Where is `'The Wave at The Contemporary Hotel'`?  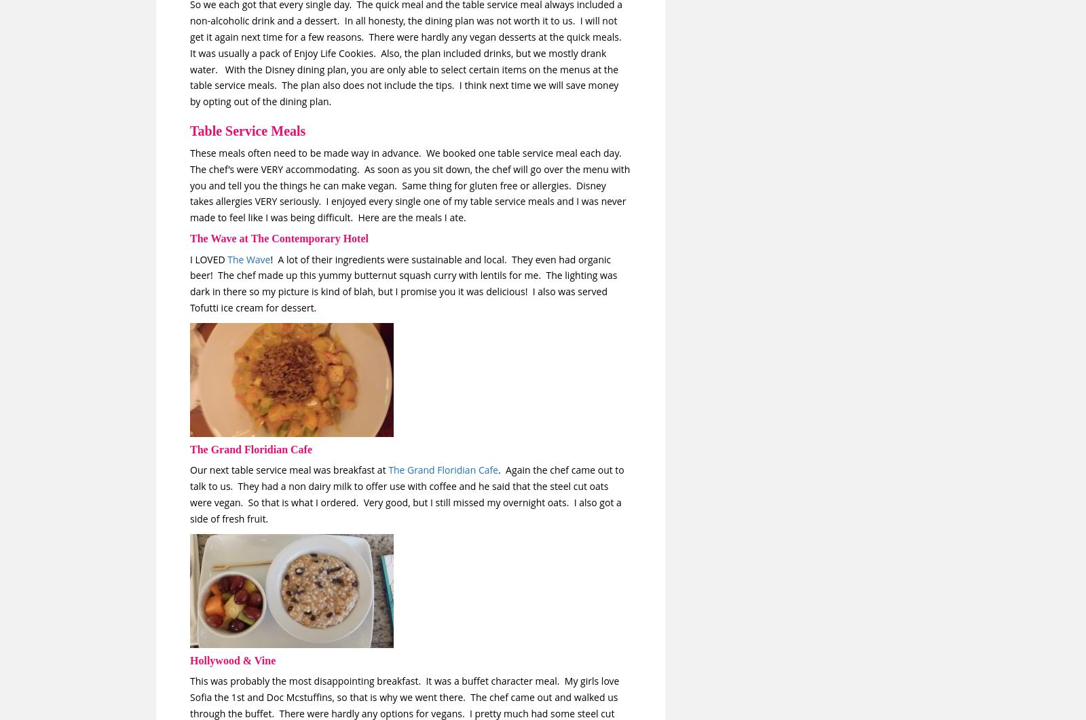
'The Wave at The Contemporary Hotel' is located at coordinates (278, 238).